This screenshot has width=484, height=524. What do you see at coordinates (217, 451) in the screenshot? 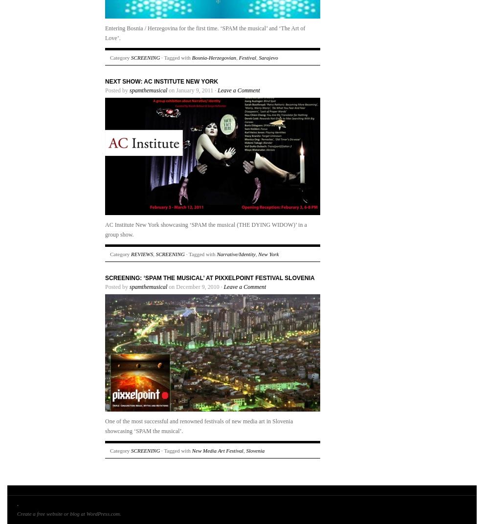
I see `'New Media Art Festival'` at bounding box center [217, 451].